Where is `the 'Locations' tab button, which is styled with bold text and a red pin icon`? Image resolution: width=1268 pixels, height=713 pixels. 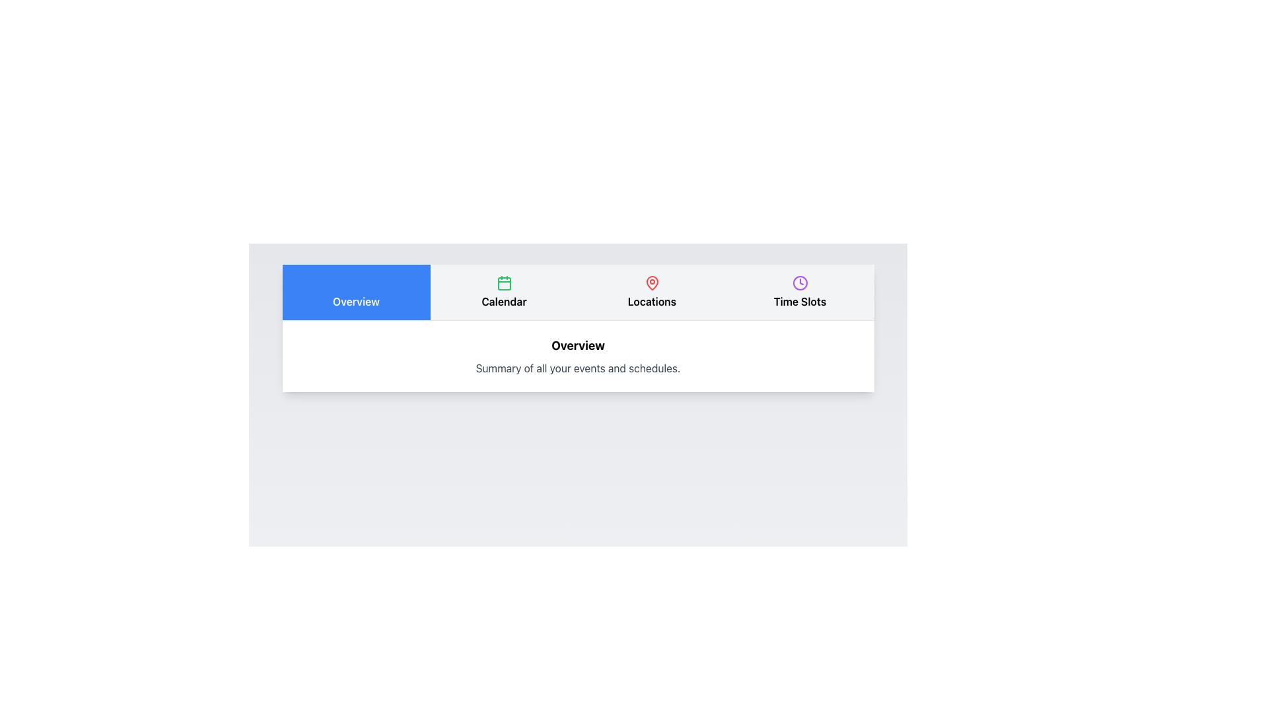
the 'Locations' tab button, which is styled with bold text and a red pin icon is located at coordinates (652, 292).